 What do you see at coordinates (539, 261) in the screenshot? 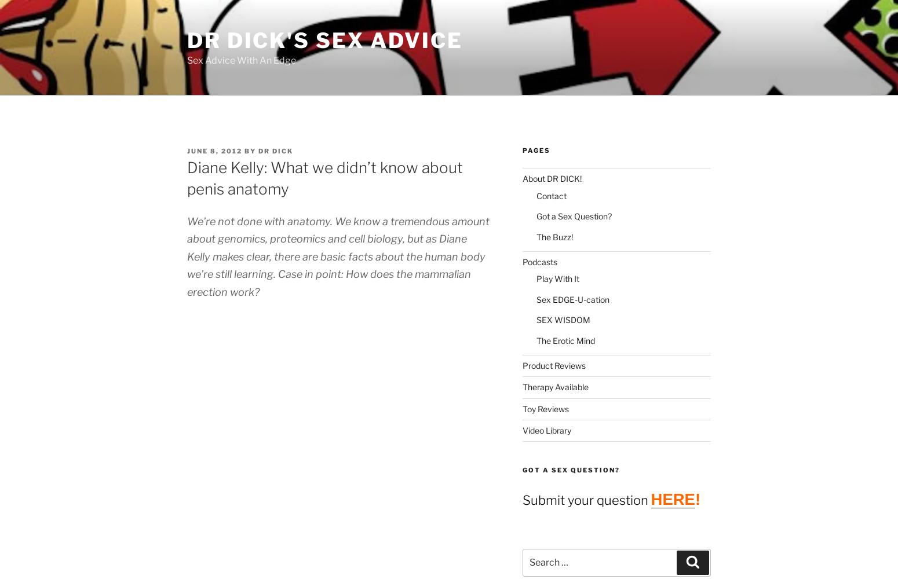
I see `'Podcasts'` at bounding box center [539, 261].